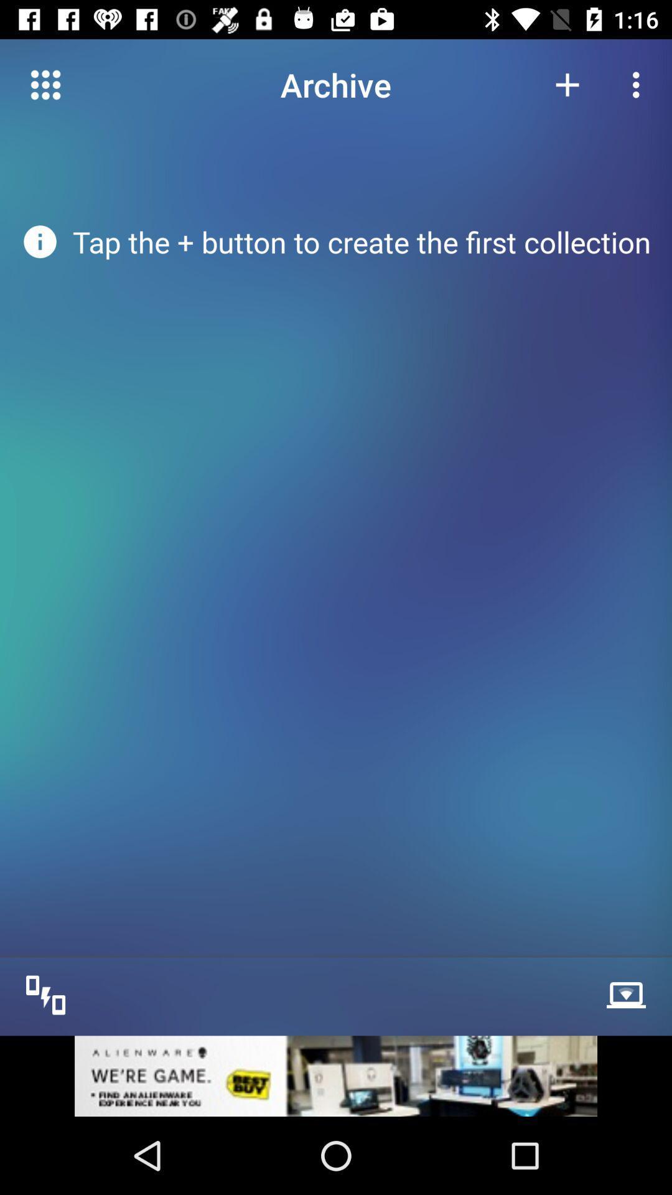 The width and height of the screenshot is (672, 1195). I want to click on image link to advertisement, so click(336, 1075).